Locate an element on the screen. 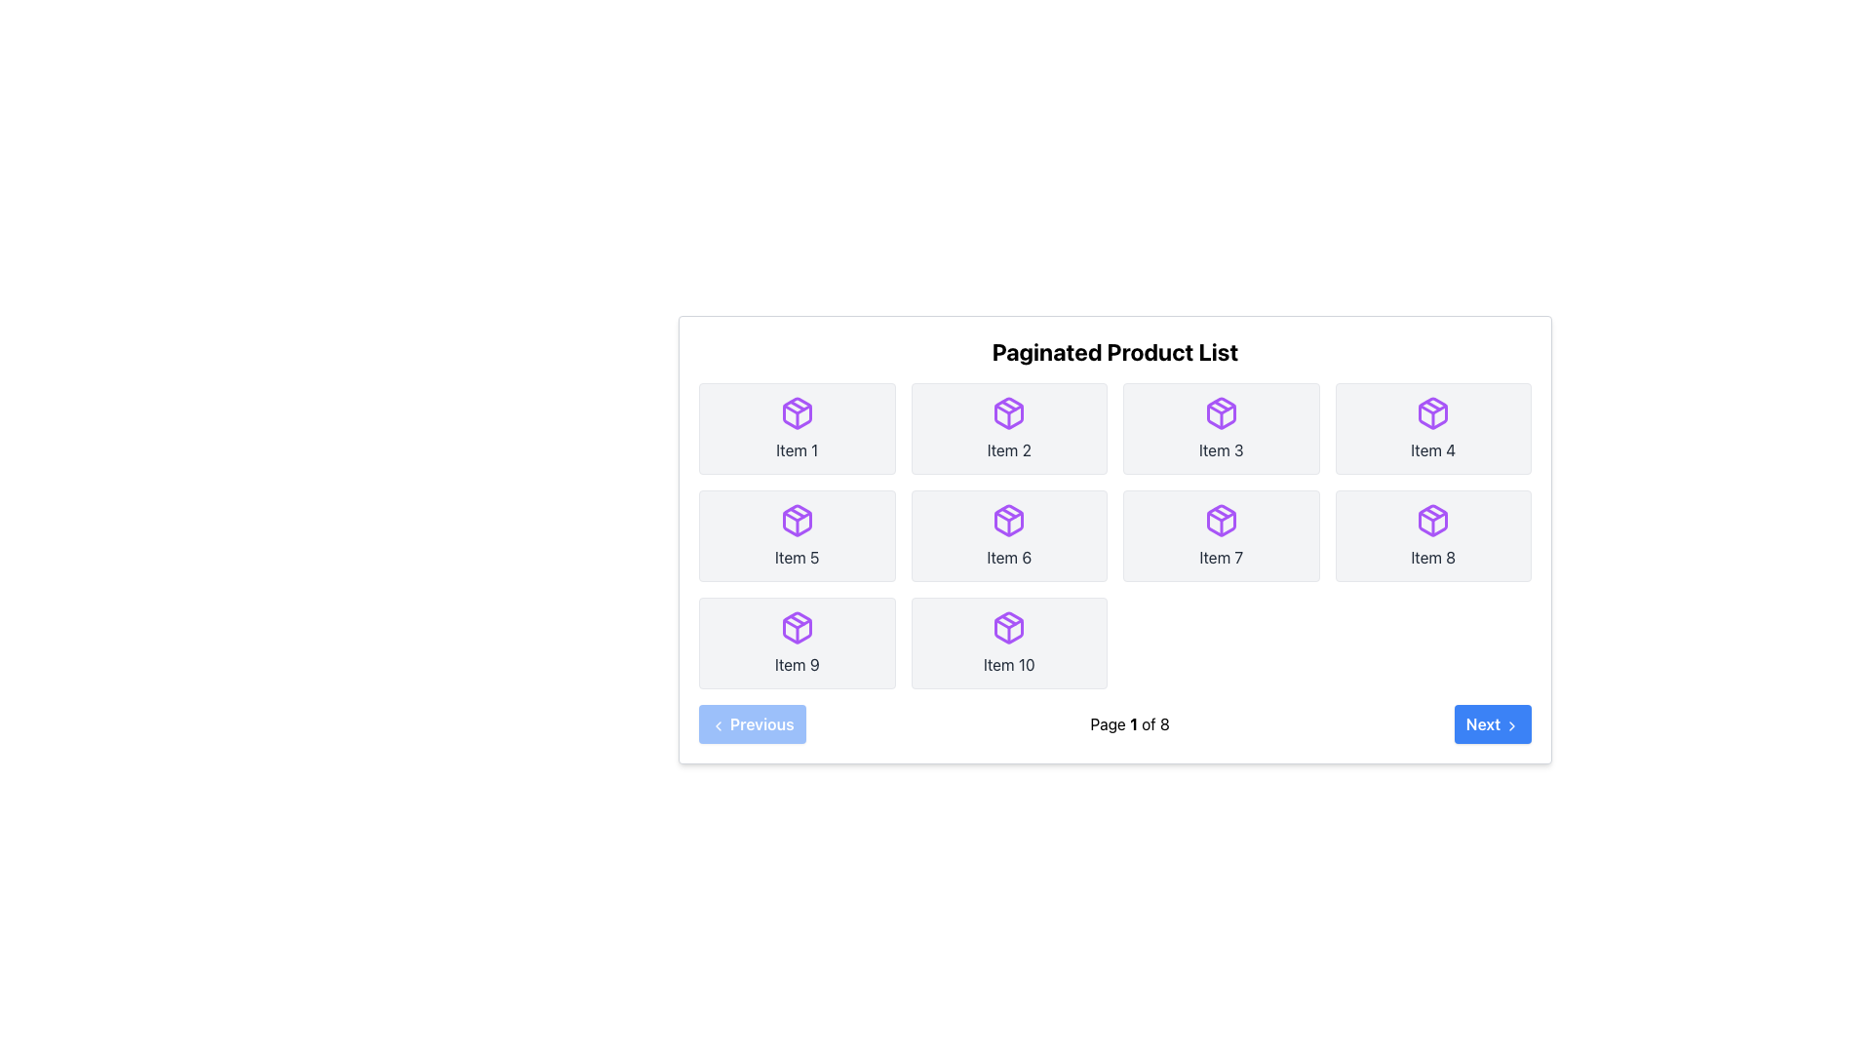  the icon representing 'Item 8' located in the second row, fourth column of the grid in the 'Paginated Product List' is located at coordinates (1433, 519).